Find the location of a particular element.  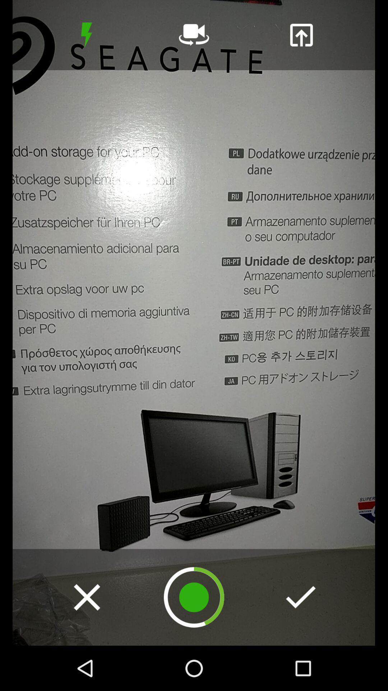

the item at the top right corner is located at coordinates (301, 35).